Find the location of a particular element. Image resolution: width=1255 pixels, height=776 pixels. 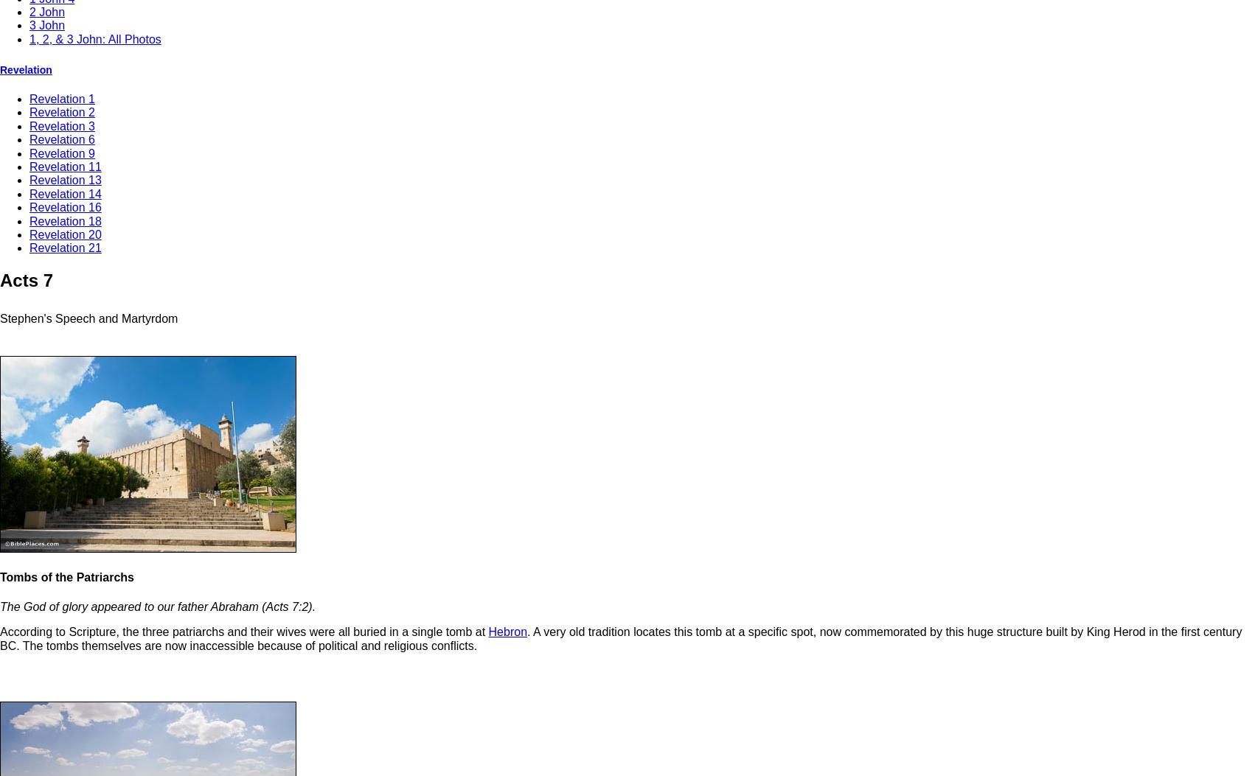

'1, 2, & 3 John: All Photos' is located at coordinates (95, 38).